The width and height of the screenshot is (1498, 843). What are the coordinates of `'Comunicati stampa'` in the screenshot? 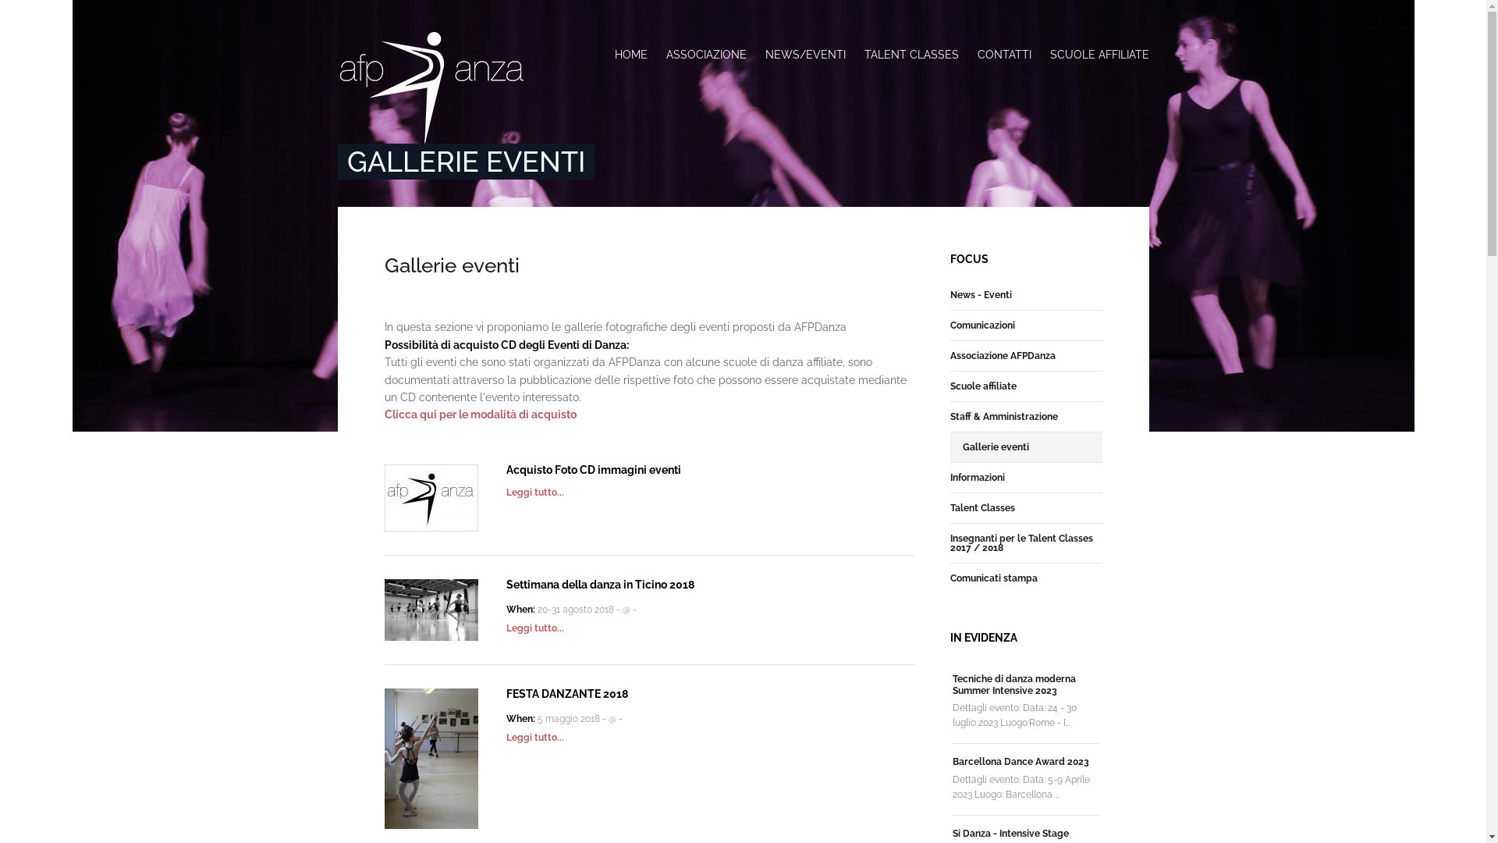 It's located at (992, 578).